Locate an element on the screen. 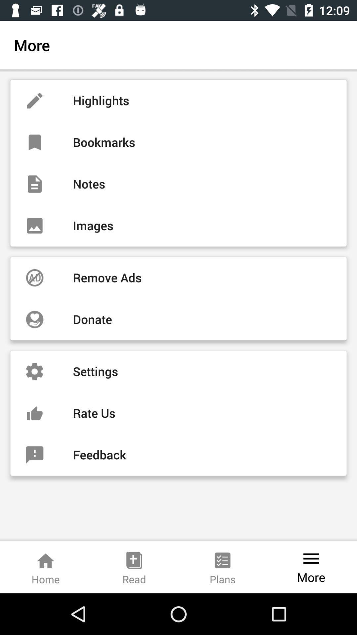 The image size is (357, 635). item below the rate us item is located at coordinates (178, 454).